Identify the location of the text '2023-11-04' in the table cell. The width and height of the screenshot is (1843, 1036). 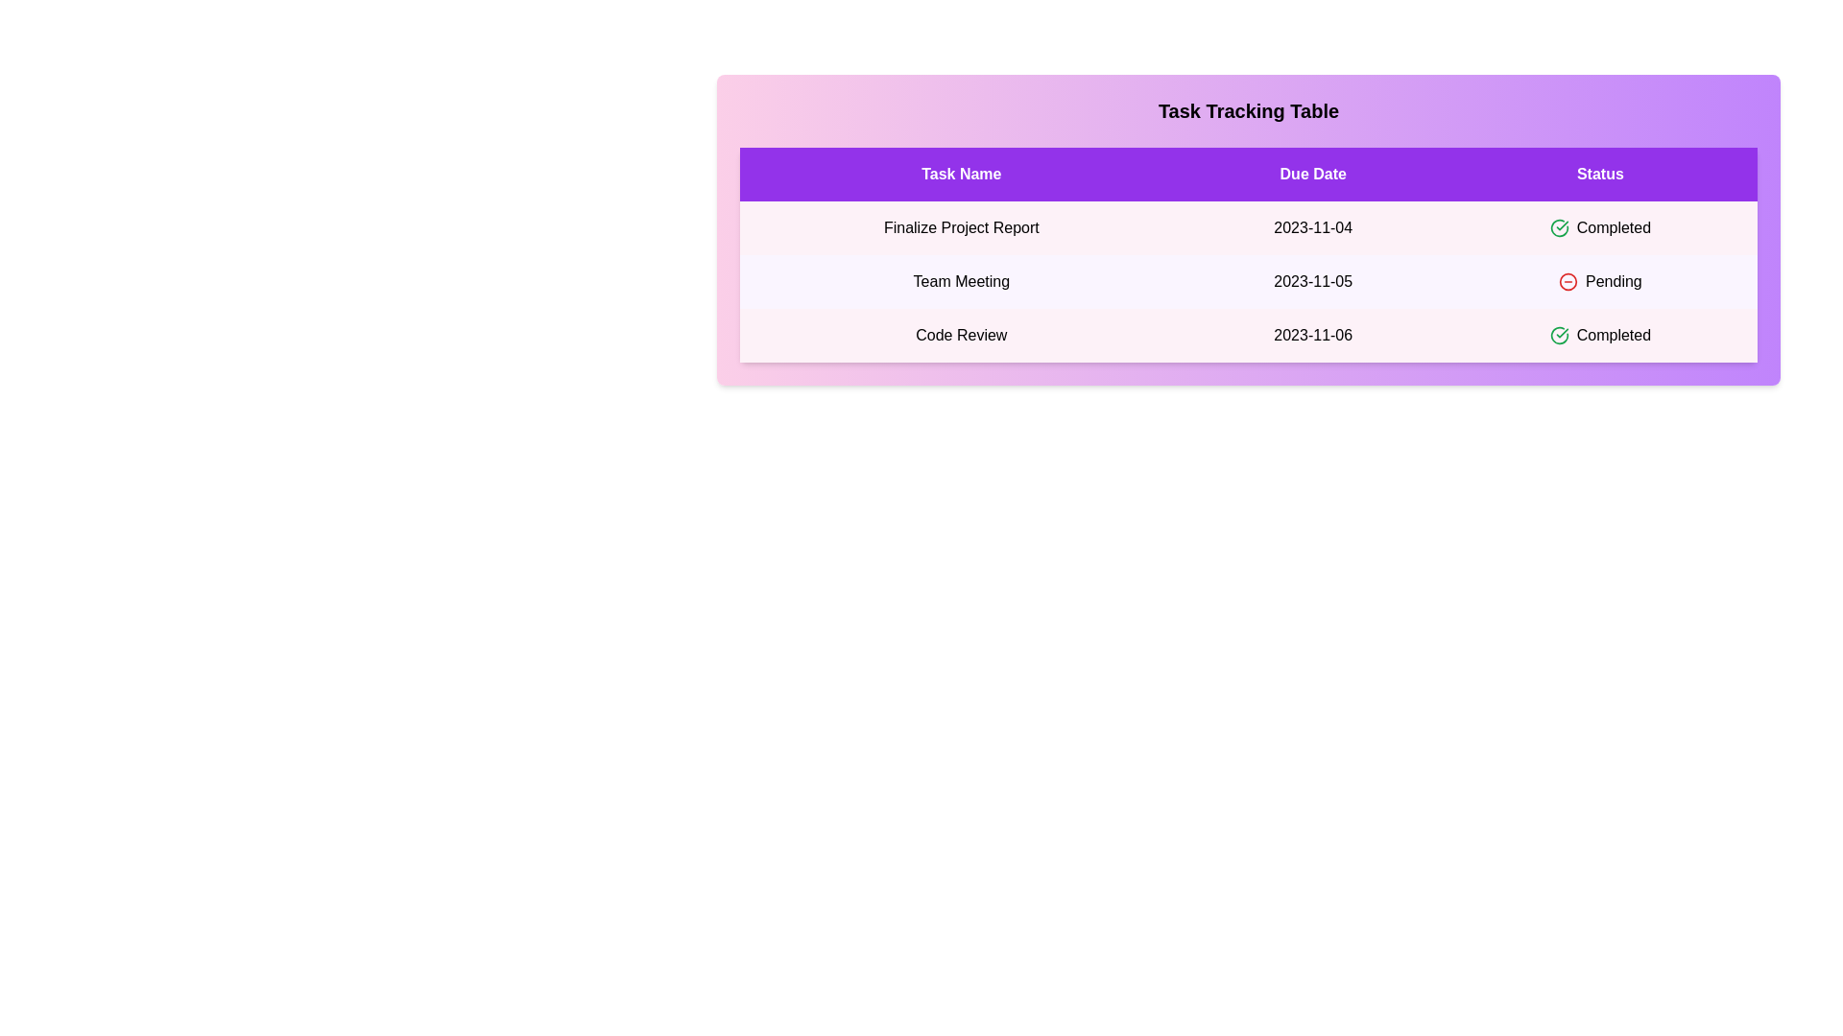
(1312, 227).